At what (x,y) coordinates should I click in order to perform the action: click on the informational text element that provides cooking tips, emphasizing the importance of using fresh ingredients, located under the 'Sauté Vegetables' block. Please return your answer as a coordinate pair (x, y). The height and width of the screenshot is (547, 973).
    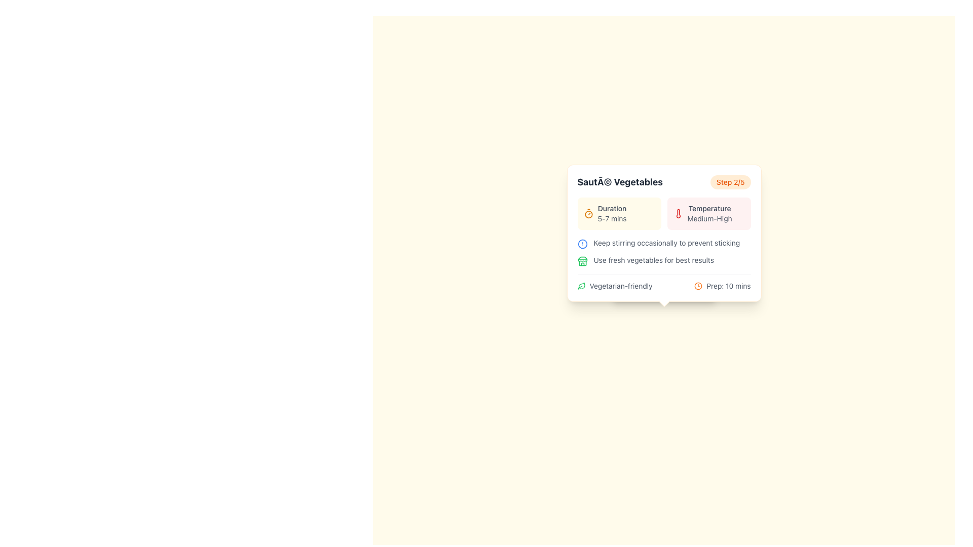
    Looking at the image, I should click on (664, 260).